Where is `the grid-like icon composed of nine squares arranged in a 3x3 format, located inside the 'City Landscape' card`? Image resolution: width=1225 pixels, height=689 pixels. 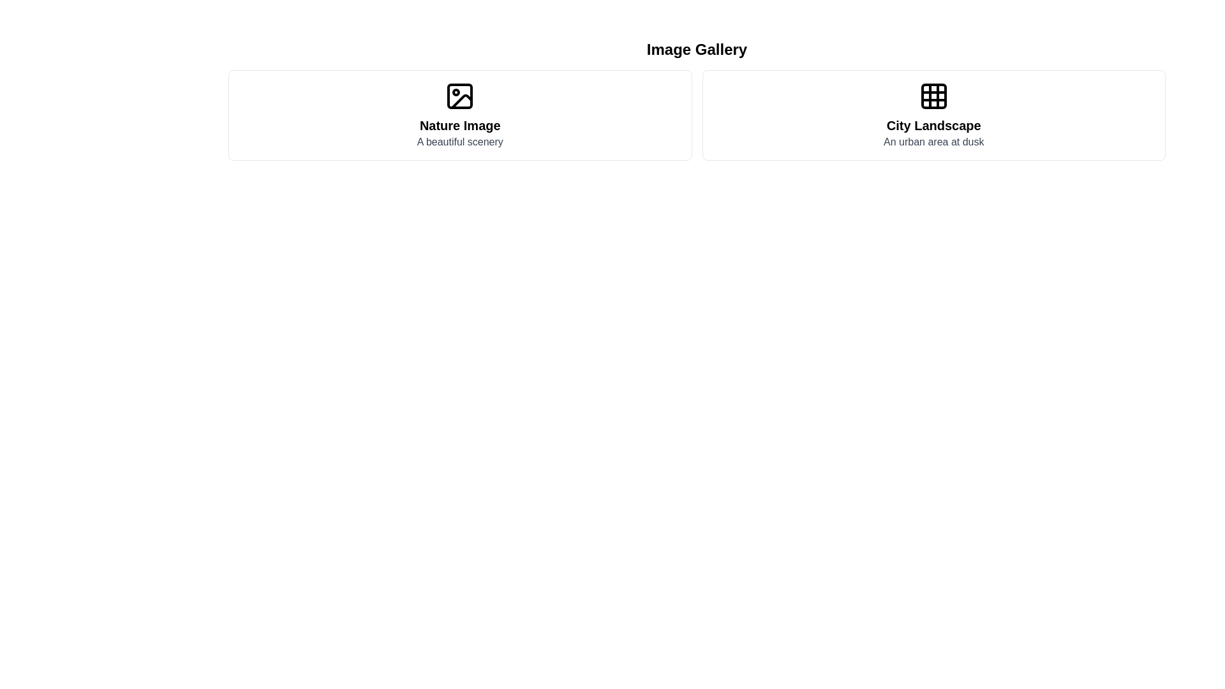
the grid-like icon composed of nine squares arranged in a 3x3 format, located inside the 'City Landscape' card is located at coordinates (933, 95).